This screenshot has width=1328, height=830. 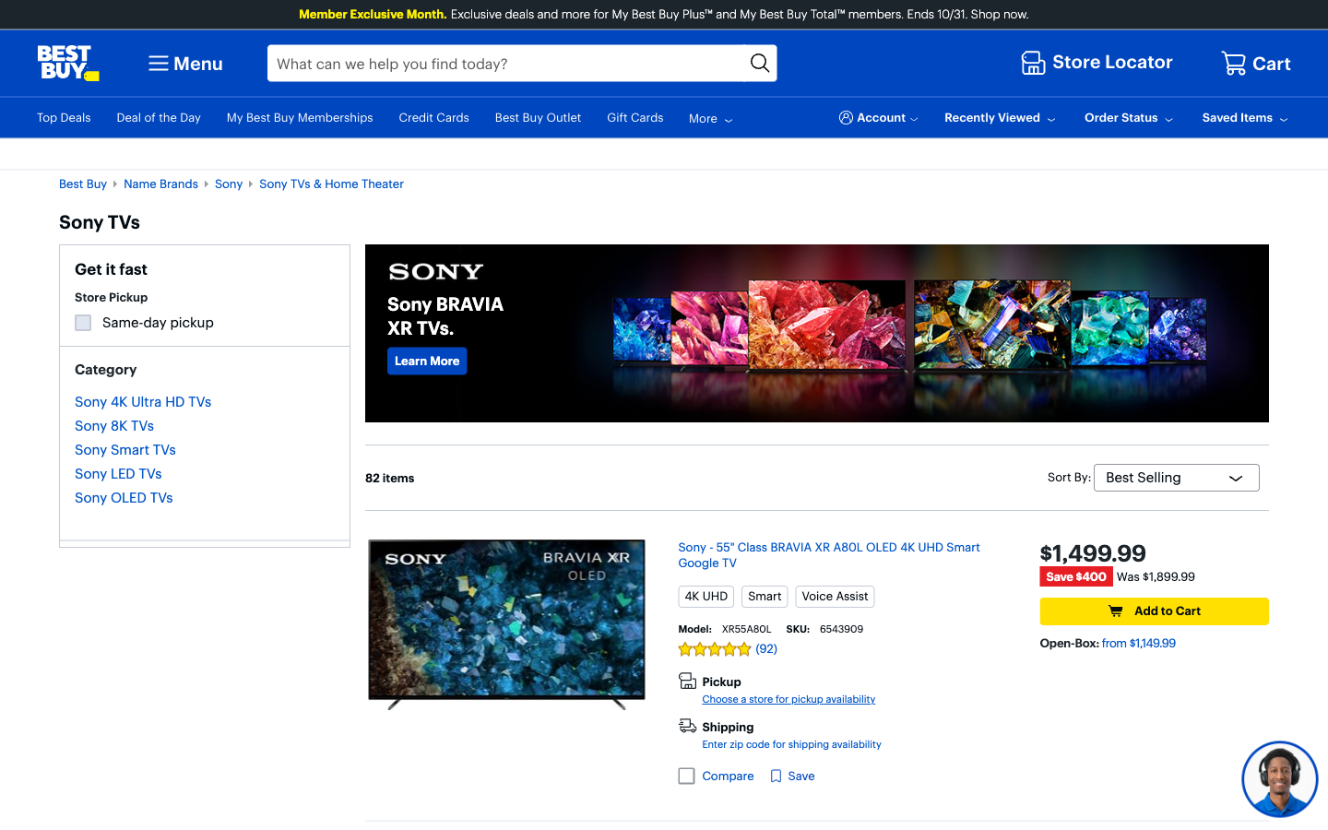 I want to click on Verify if the top listed television is deliverable to the postal code 15217, so click(x=790, y=744).